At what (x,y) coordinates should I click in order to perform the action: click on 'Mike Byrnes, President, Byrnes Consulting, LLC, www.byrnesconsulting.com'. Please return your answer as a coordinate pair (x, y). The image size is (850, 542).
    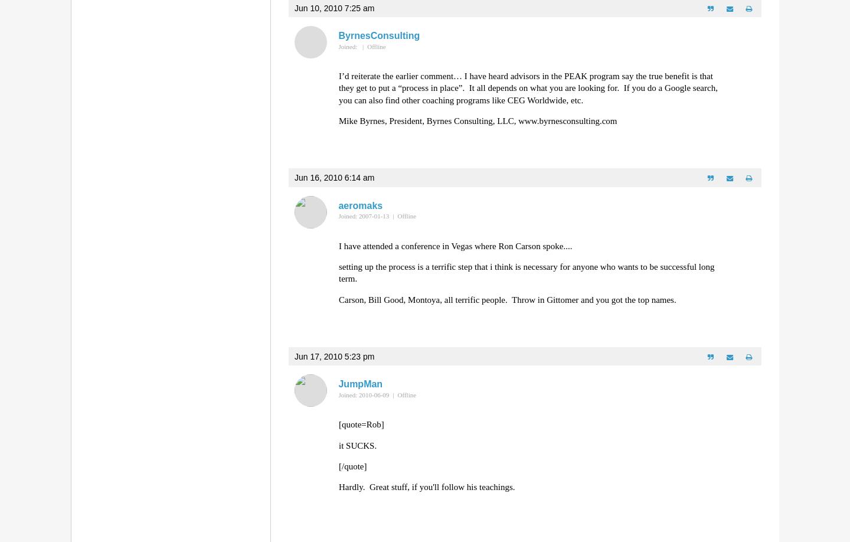
    Looking at the image, I should click on (478, 120).